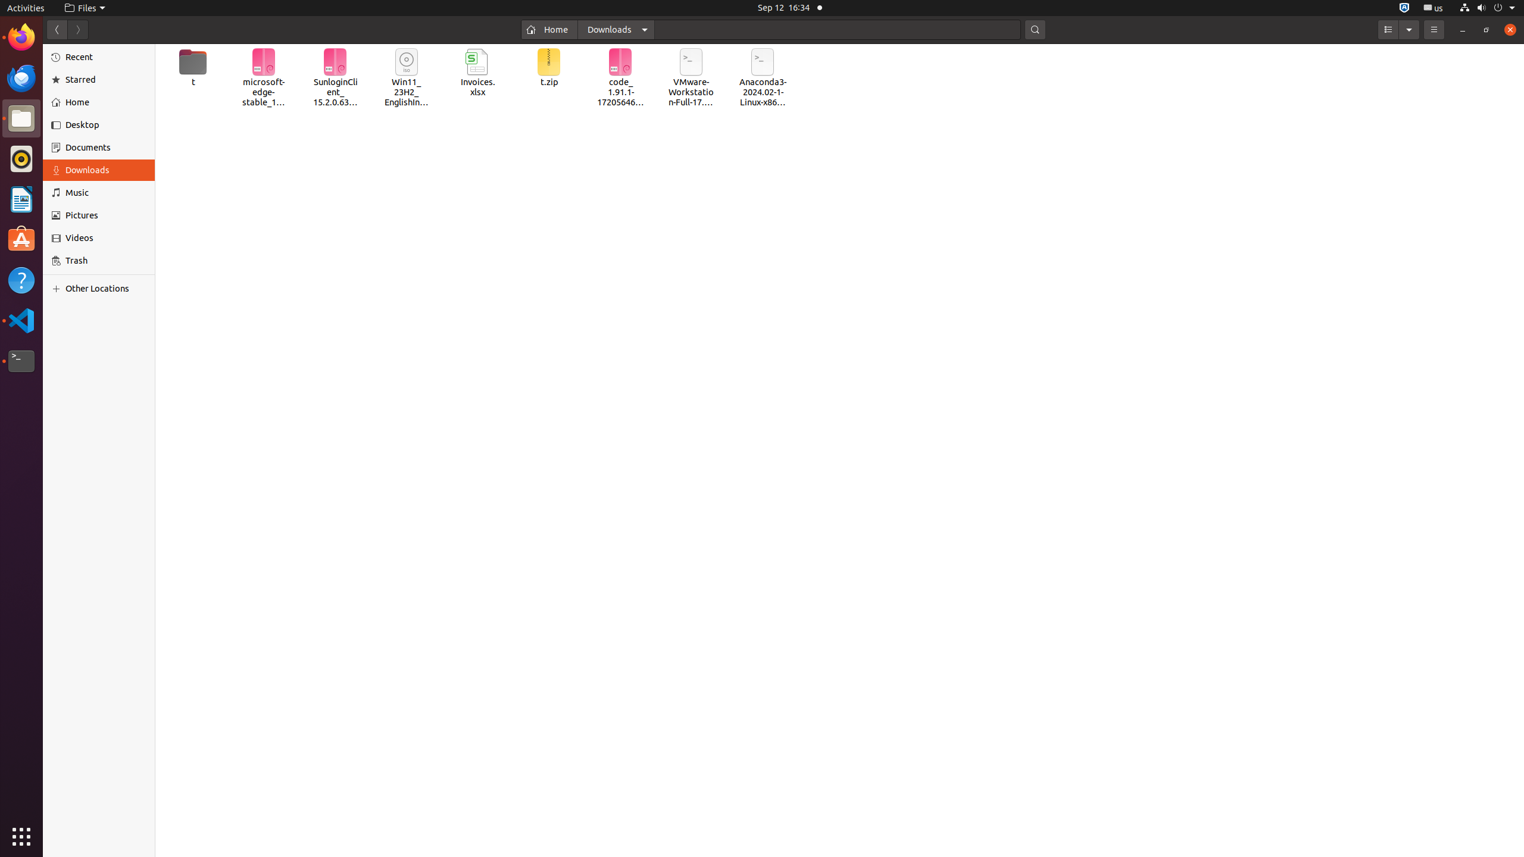 The image size is (1524, 857). Describe the element at coordinates (1463, 29) in the screenshot. I see `'Minimize'` at that location.